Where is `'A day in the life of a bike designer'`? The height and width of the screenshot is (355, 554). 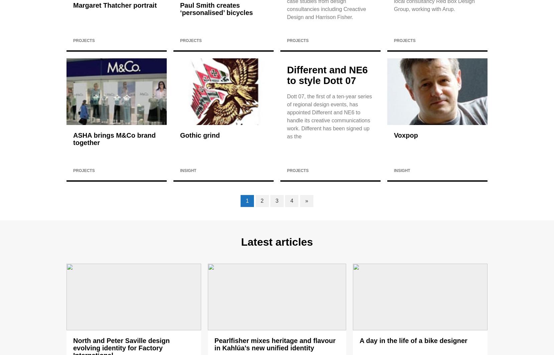
'A day in the life of a bike designer' is located at coordinates (413, 340).